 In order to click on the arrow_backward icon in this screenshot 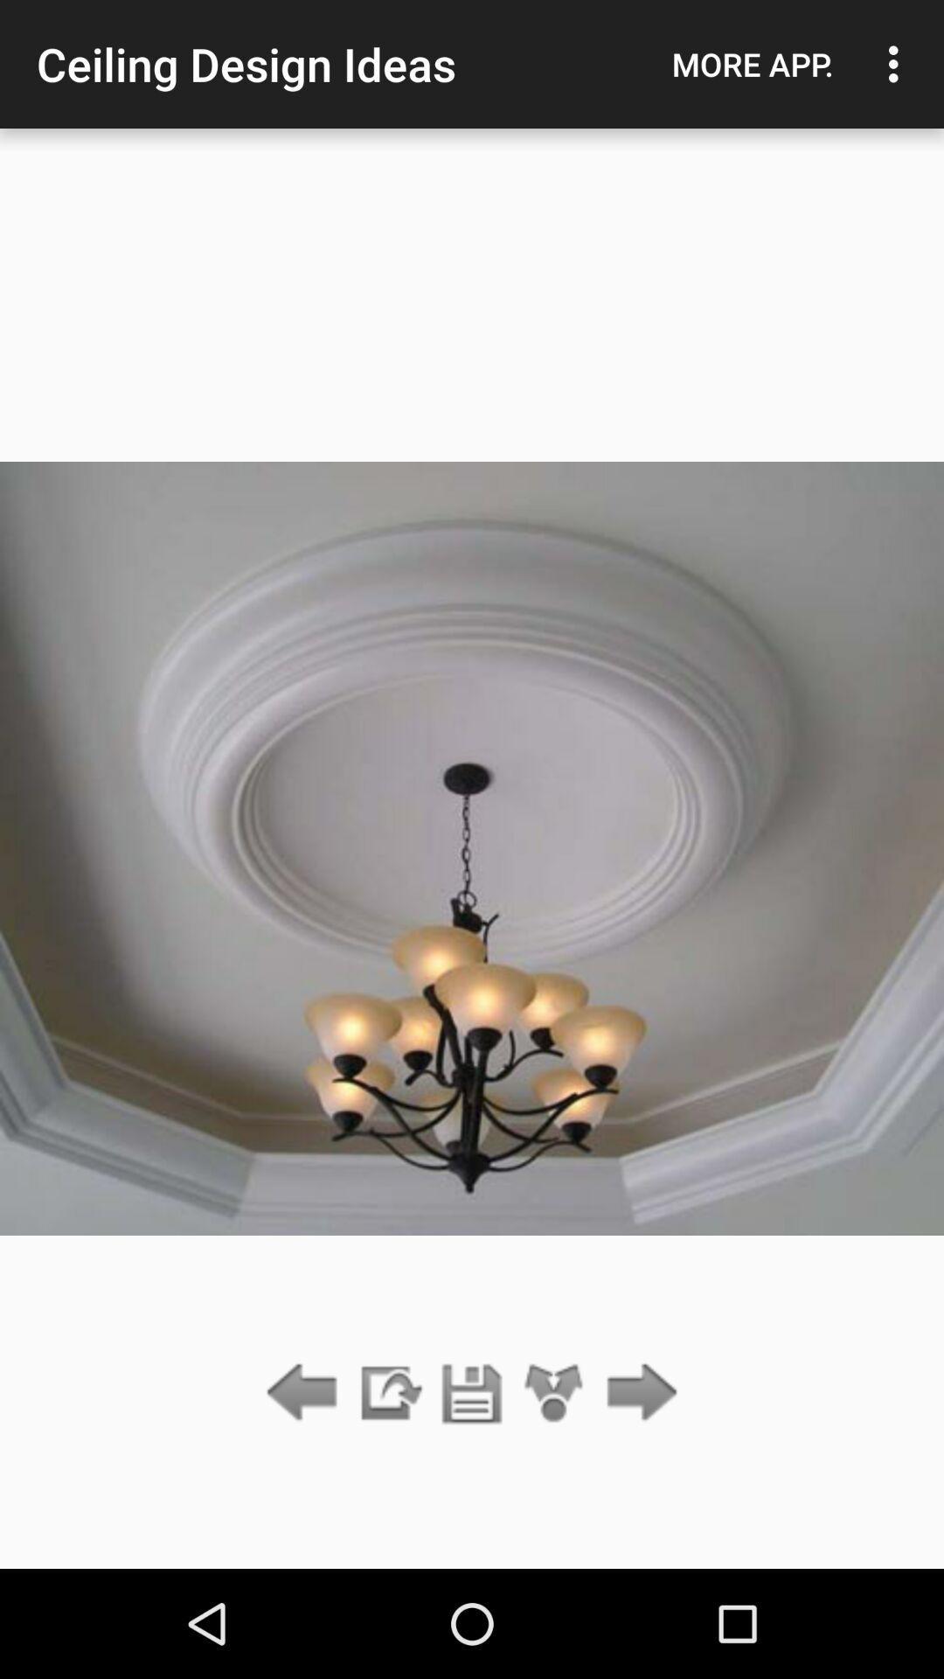, I will do `click(306, 1393)`.